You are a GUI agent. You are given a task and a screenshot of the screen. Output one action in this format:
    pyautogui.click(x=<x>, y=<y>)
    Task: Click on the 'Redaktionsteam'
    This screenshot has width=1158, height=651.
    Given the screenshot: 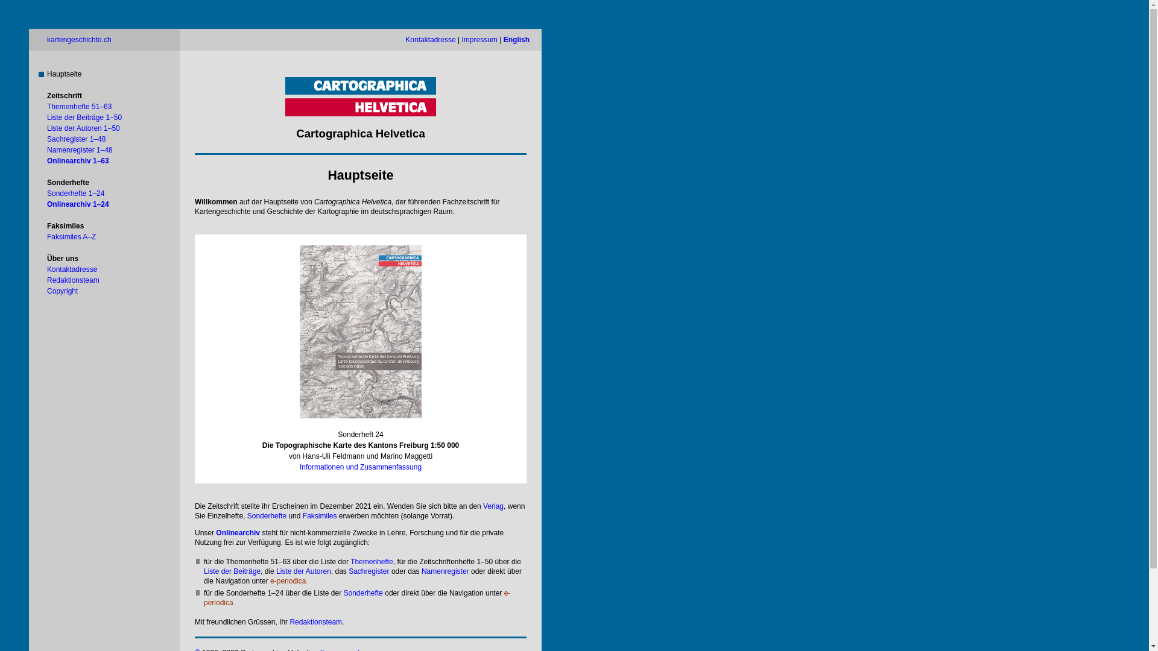 What is the action you would take?
    pyautogui.click(x=315, y=622)
    